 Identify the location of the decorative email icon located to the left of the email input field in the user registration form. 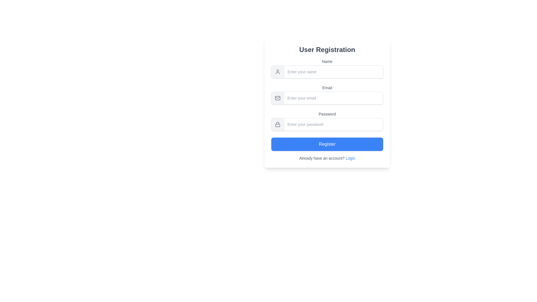
(278, 98).